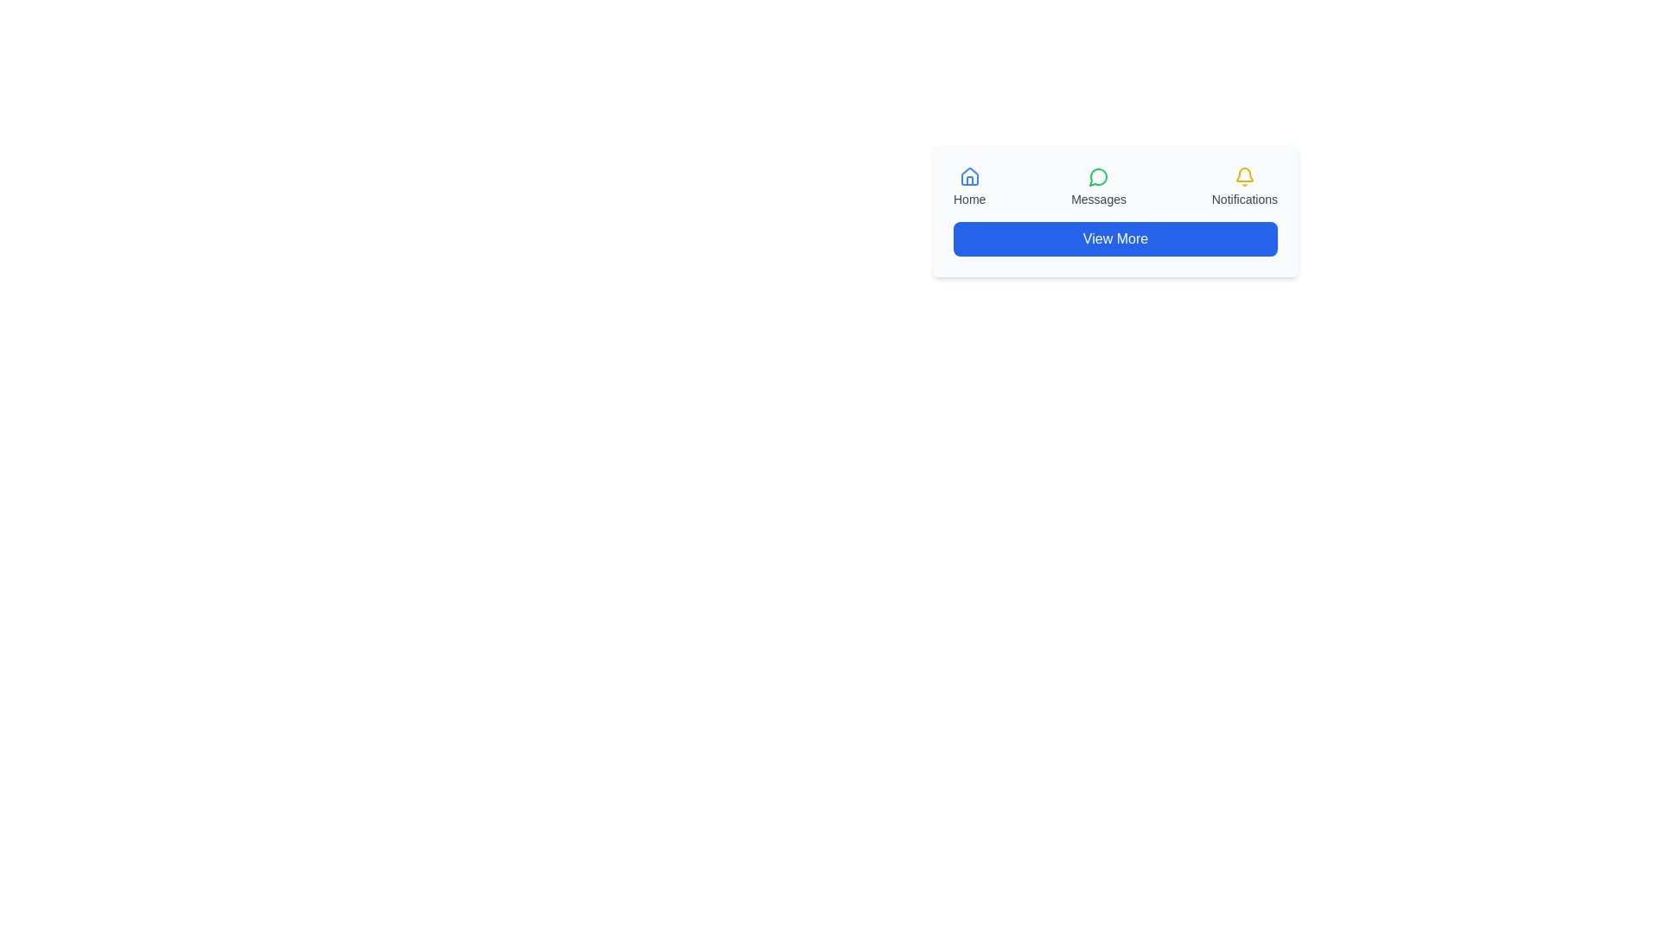 The image size is (1660, 933). Describe the element at coordinates (1243, 187) in the screenshot. I see `the 'Notifications' button, which features a yellow bell icon and is labeled in small gray font` at that location.